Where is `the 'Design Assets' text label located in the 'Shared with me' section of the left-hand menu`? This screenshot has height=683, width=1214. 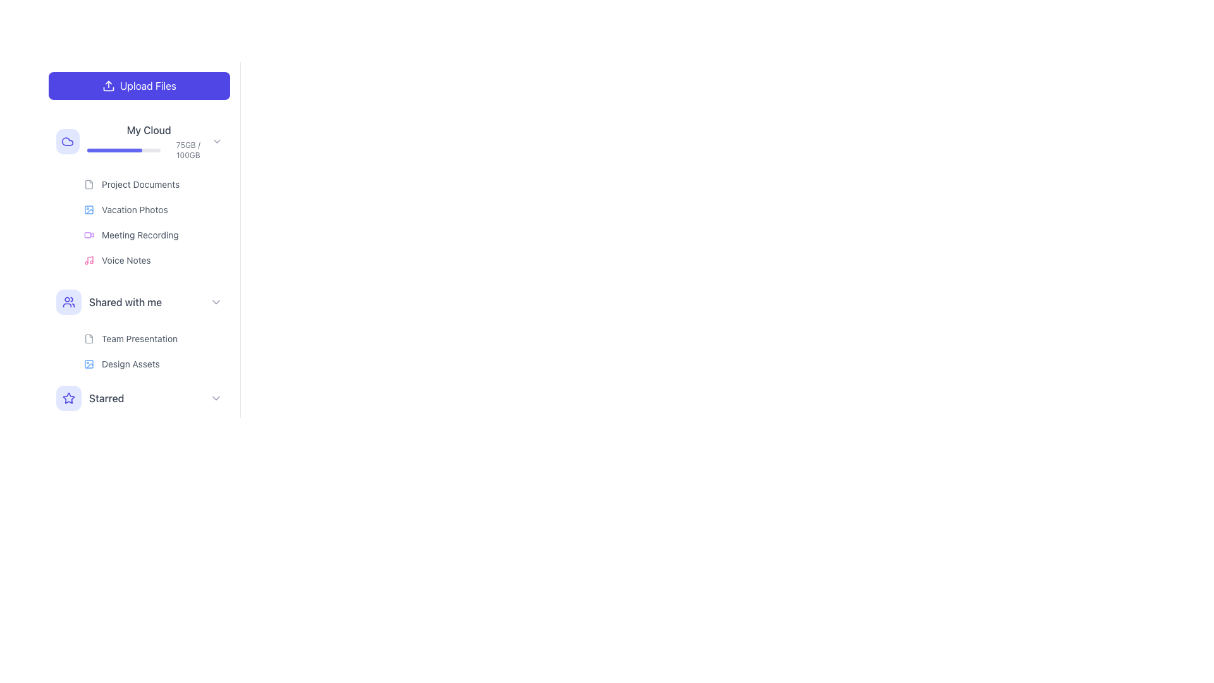
the 'Design Assets' text label located in the 'Shared with me' section of the left-hand menu is located at coordinates (130, 364).